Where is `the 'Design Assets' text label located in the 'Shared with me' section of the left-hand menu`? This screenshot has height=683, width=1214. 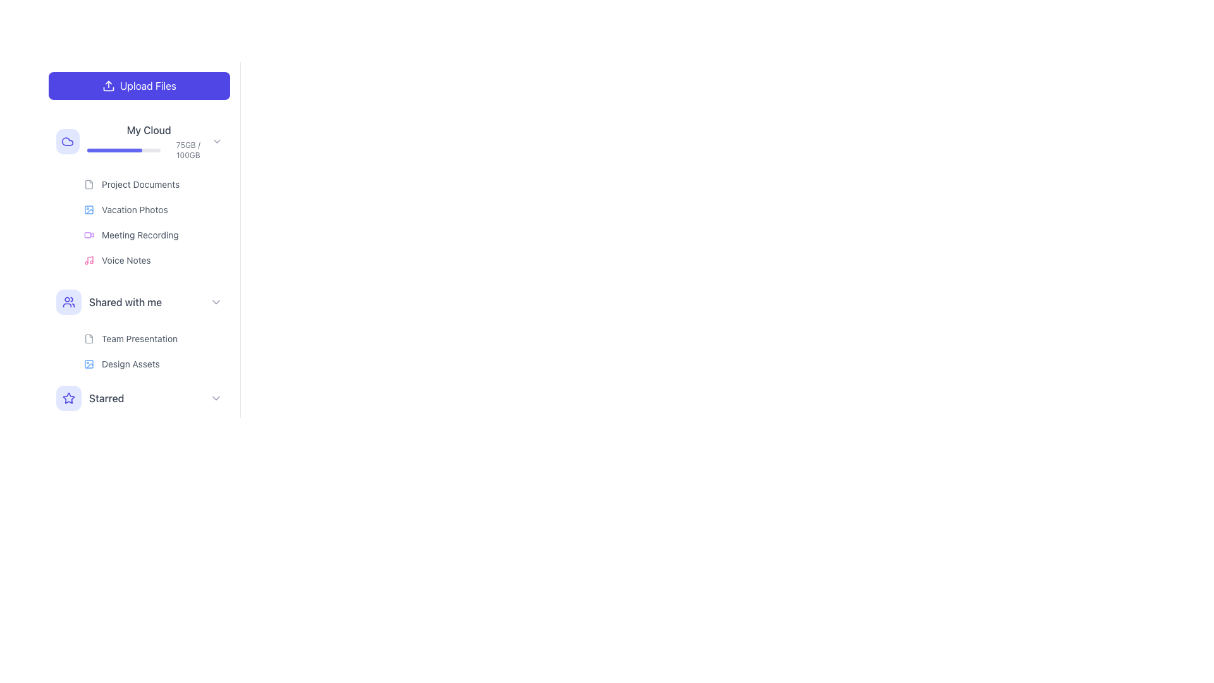
the 'Design Assets' text label located in the 'Shared with me' section of the left-hand menu is located at coordinates (130, 364).